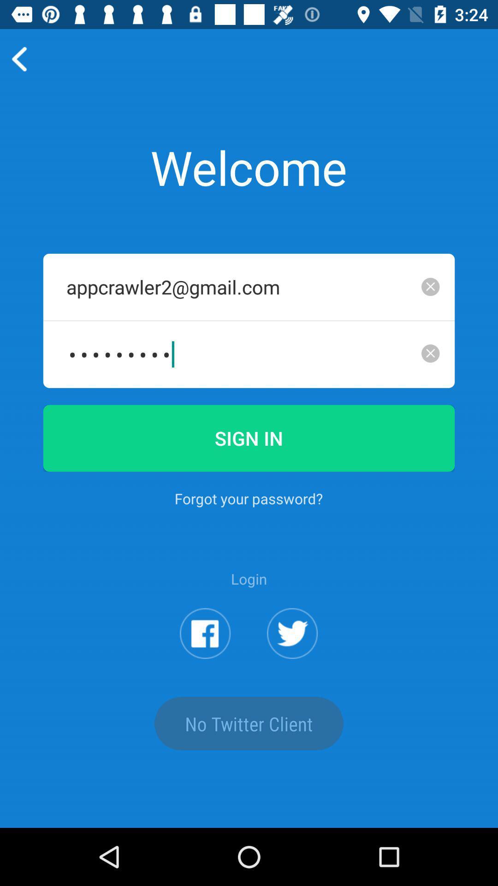 The height and width of the screenshot is (886, 498). Describe the element at coordinates (430, 286) in the screenshot. I see `clear form` at that location.